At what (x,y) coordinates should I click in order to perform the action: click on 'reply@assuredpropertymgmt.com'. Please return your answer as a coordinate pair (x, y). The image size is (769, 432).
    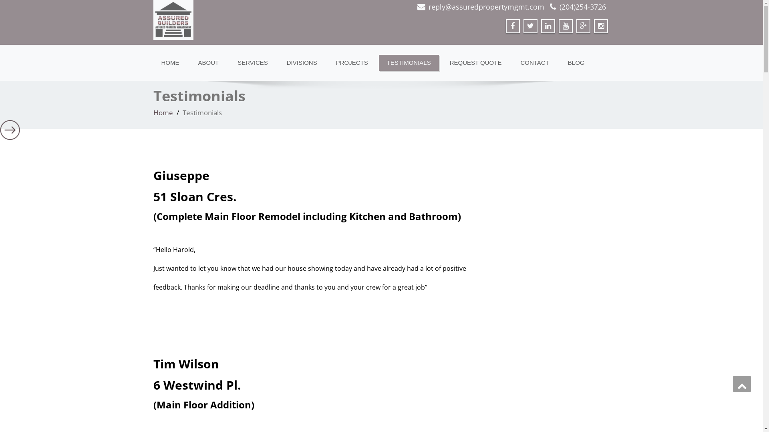
    Looking at the image, I should click on (486, 6).